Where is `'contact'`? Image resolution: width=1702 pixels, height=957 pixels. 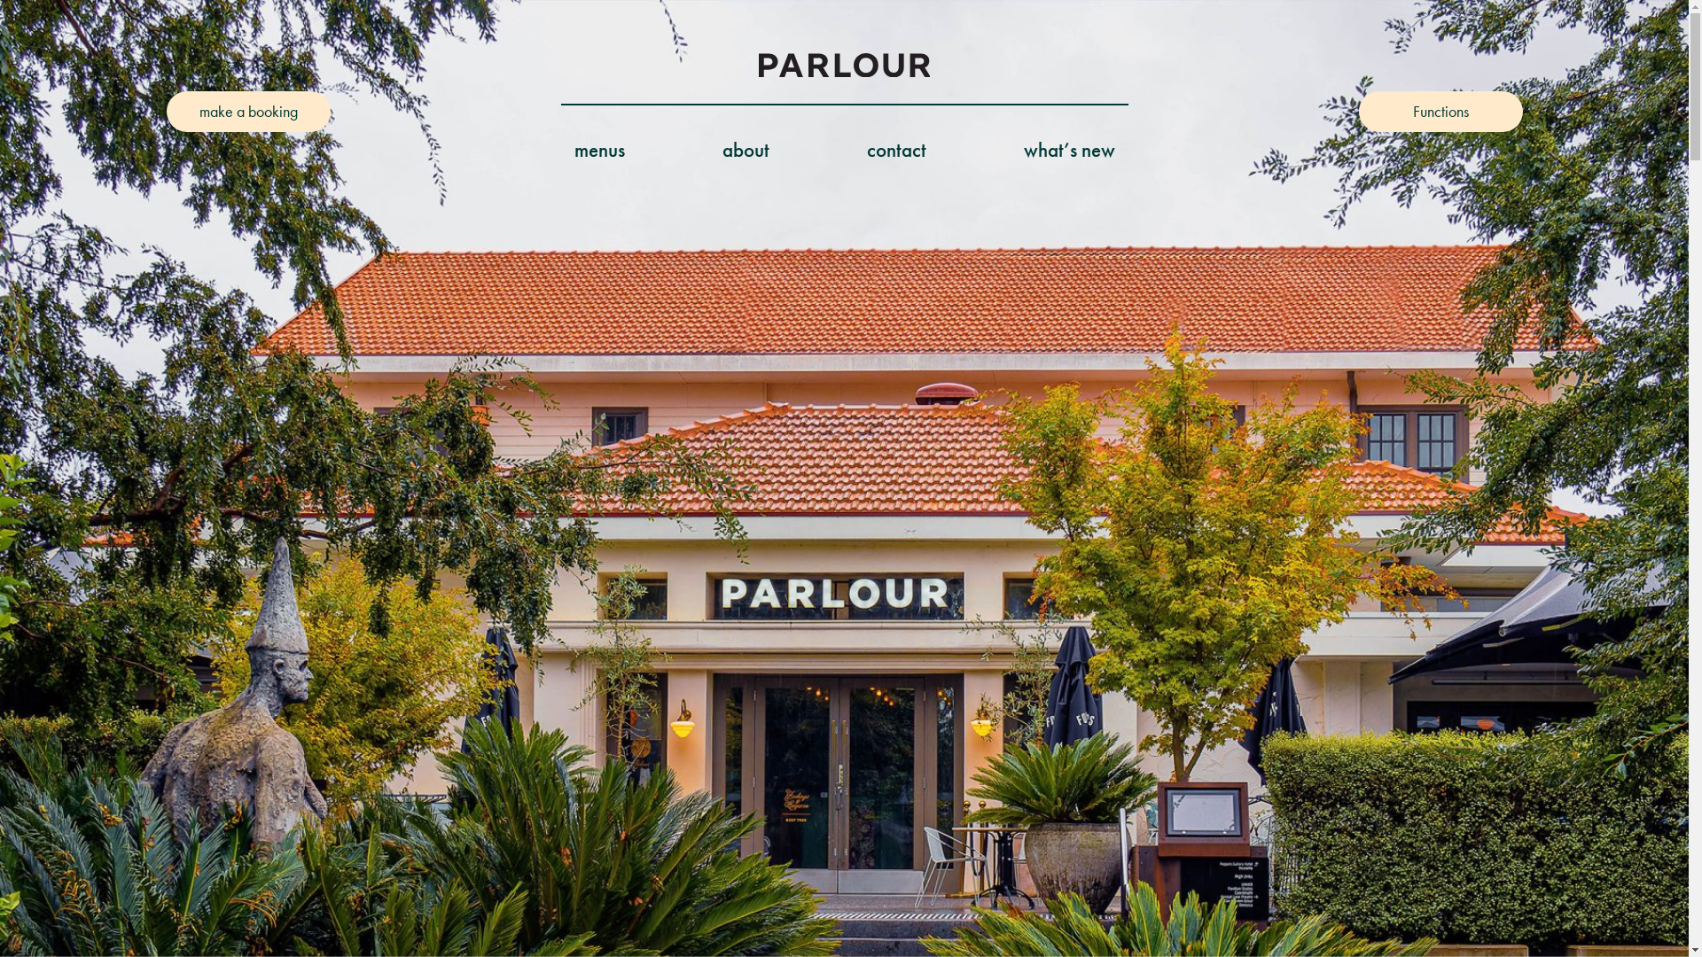 'contact' is located at coordinates (896, 150).